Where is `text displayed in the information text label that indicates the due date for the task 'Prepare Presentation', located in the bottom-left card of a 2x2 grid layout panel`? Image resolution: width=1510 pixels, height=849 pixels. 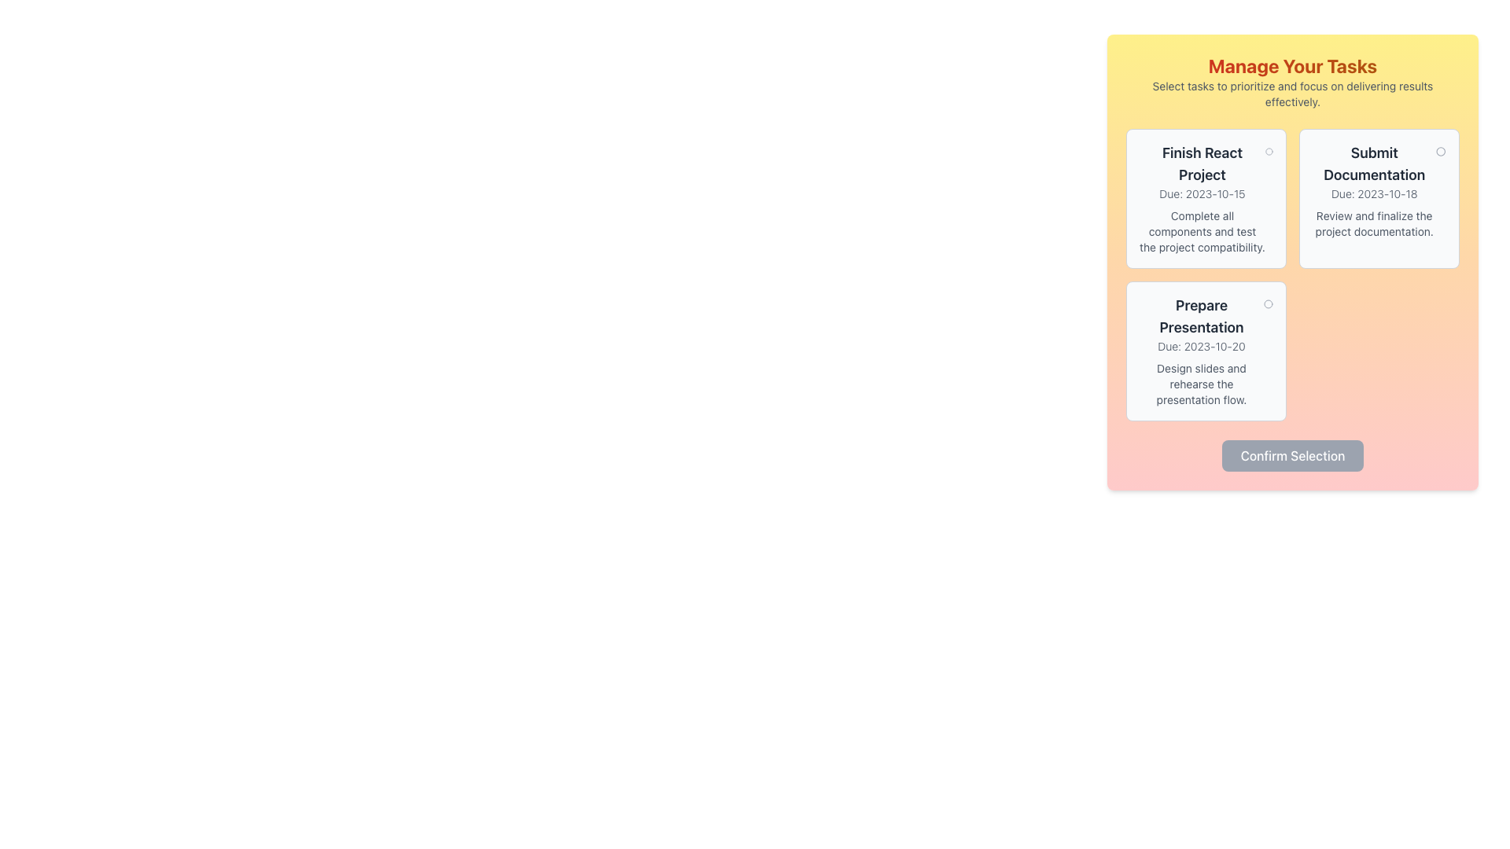 text displayed in the information text label that indicates the due date for the task 'Prepare Presentation', located in the bottom-left card of a 2x2 grid layout panel is located at coordinates (1200, 345).